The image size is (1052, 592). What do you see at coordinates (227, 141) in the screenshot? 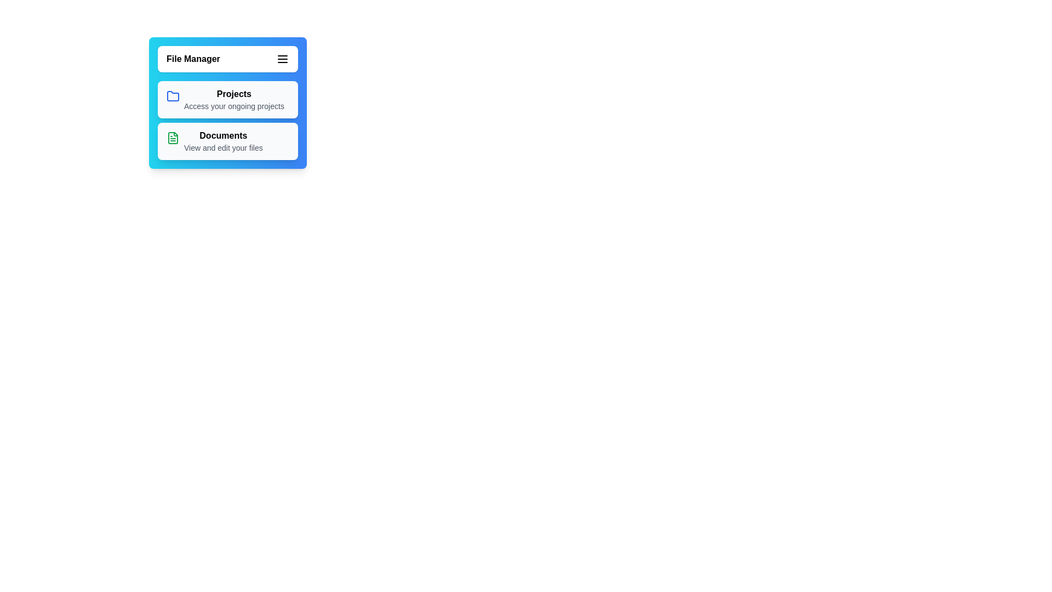
I see `the 'Documents' menu item` at bounding box center [227, 141].